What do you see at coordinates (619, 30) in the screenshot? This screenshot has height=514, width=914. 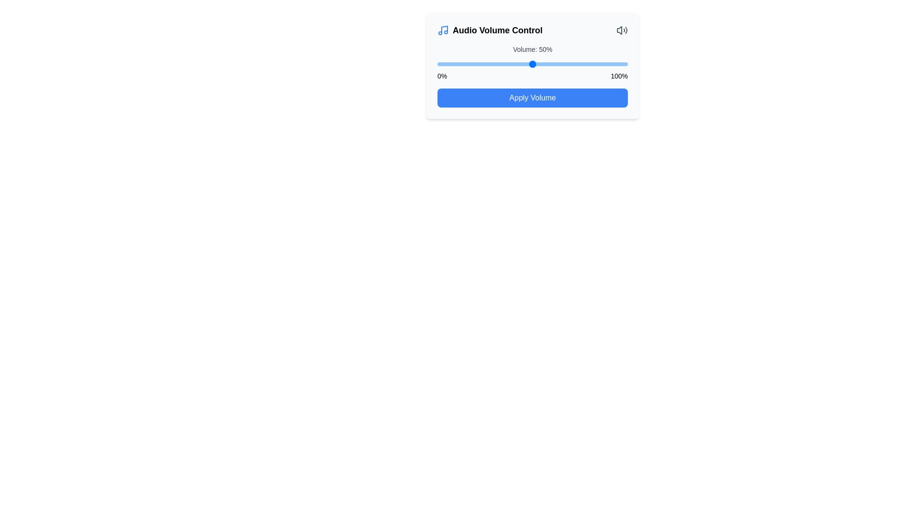 I see `the sound volume control icon located at the top-right side of the audio volume control panel, which is visually represented as a graphical vector icon indicating audio settings` at bounding box center [619, 30].